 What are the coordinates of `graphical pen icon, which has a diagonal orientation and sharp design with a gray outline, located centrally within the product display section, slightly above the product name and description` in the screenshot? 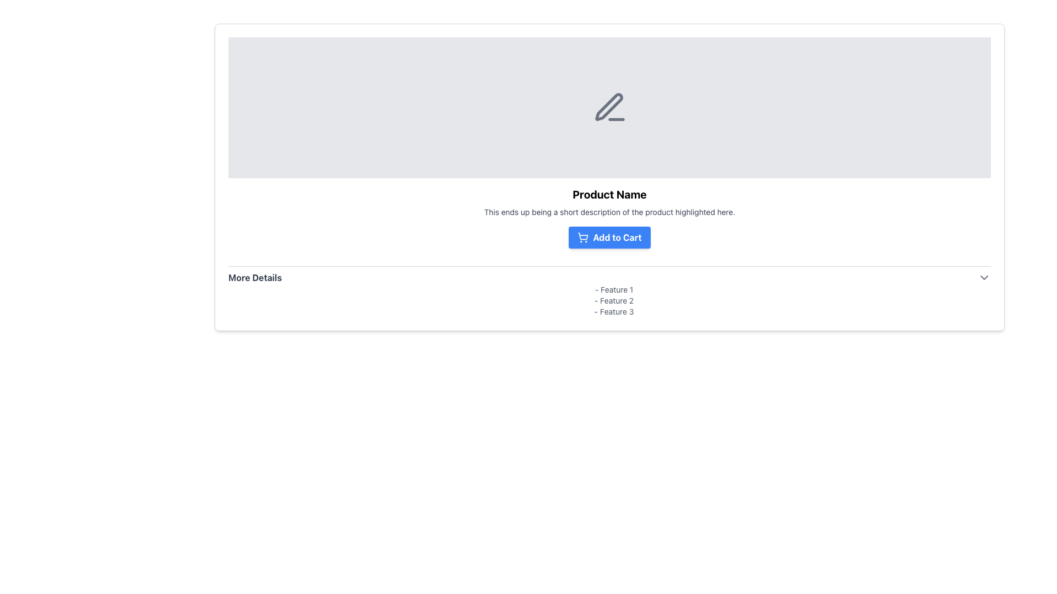 It's located at (608, 107).